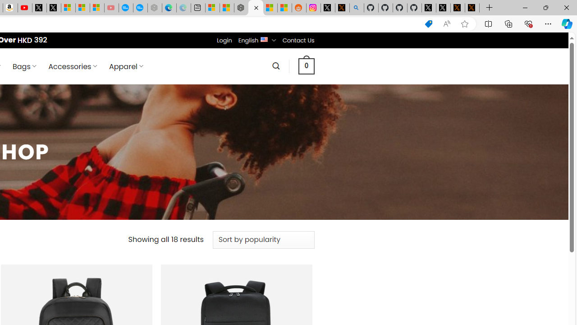  Describe the element at coordinates (255, 8) in the screenshot. I see `'Nordace - Products Archive'` at that location.